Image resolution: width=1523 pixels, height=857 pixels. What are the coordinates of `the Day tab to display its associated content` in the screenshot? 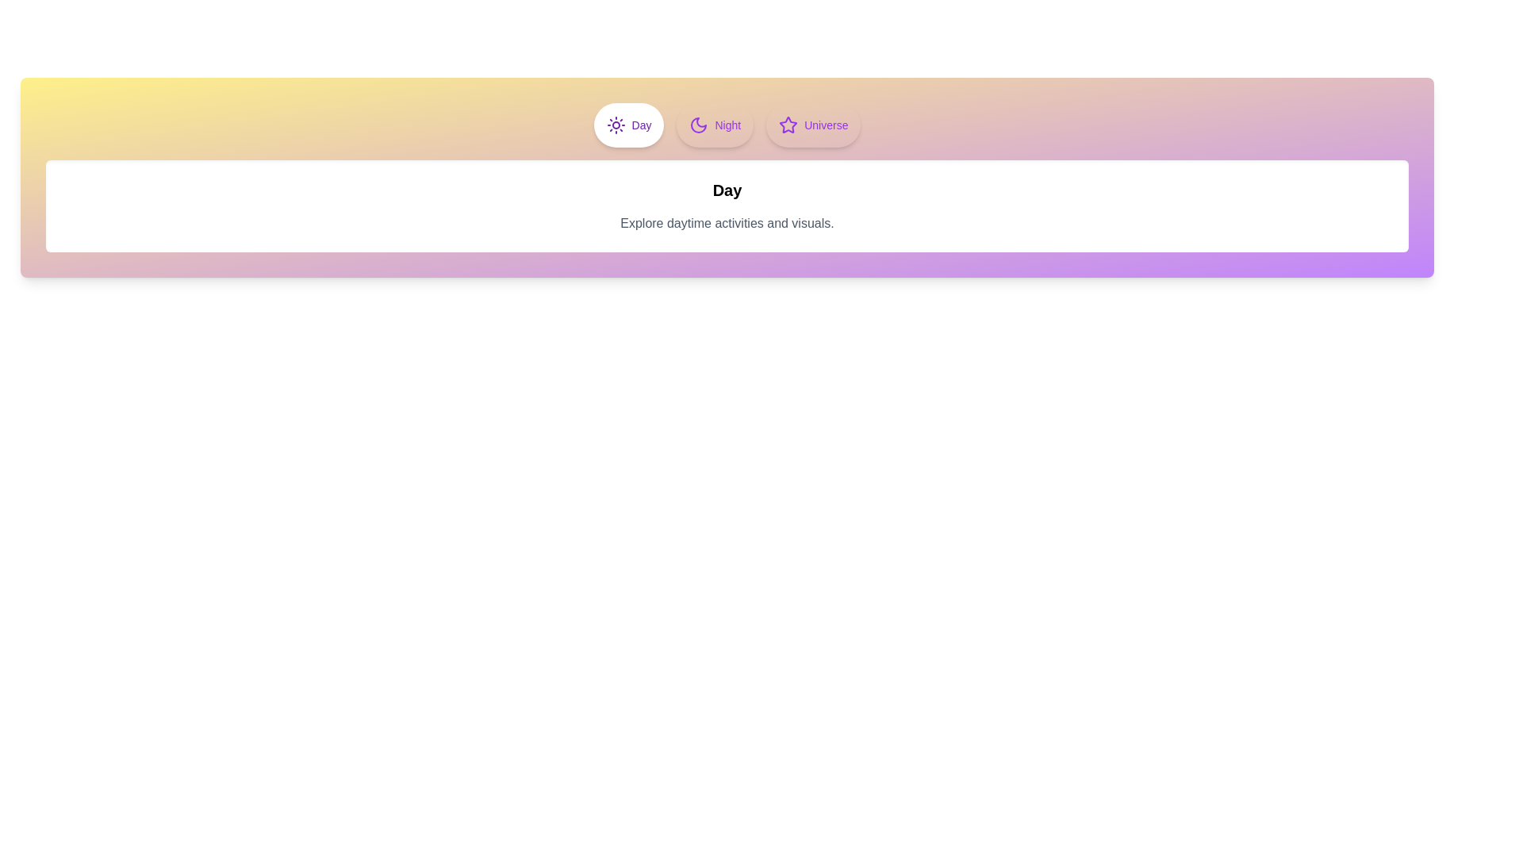 It's located at (627, 125).